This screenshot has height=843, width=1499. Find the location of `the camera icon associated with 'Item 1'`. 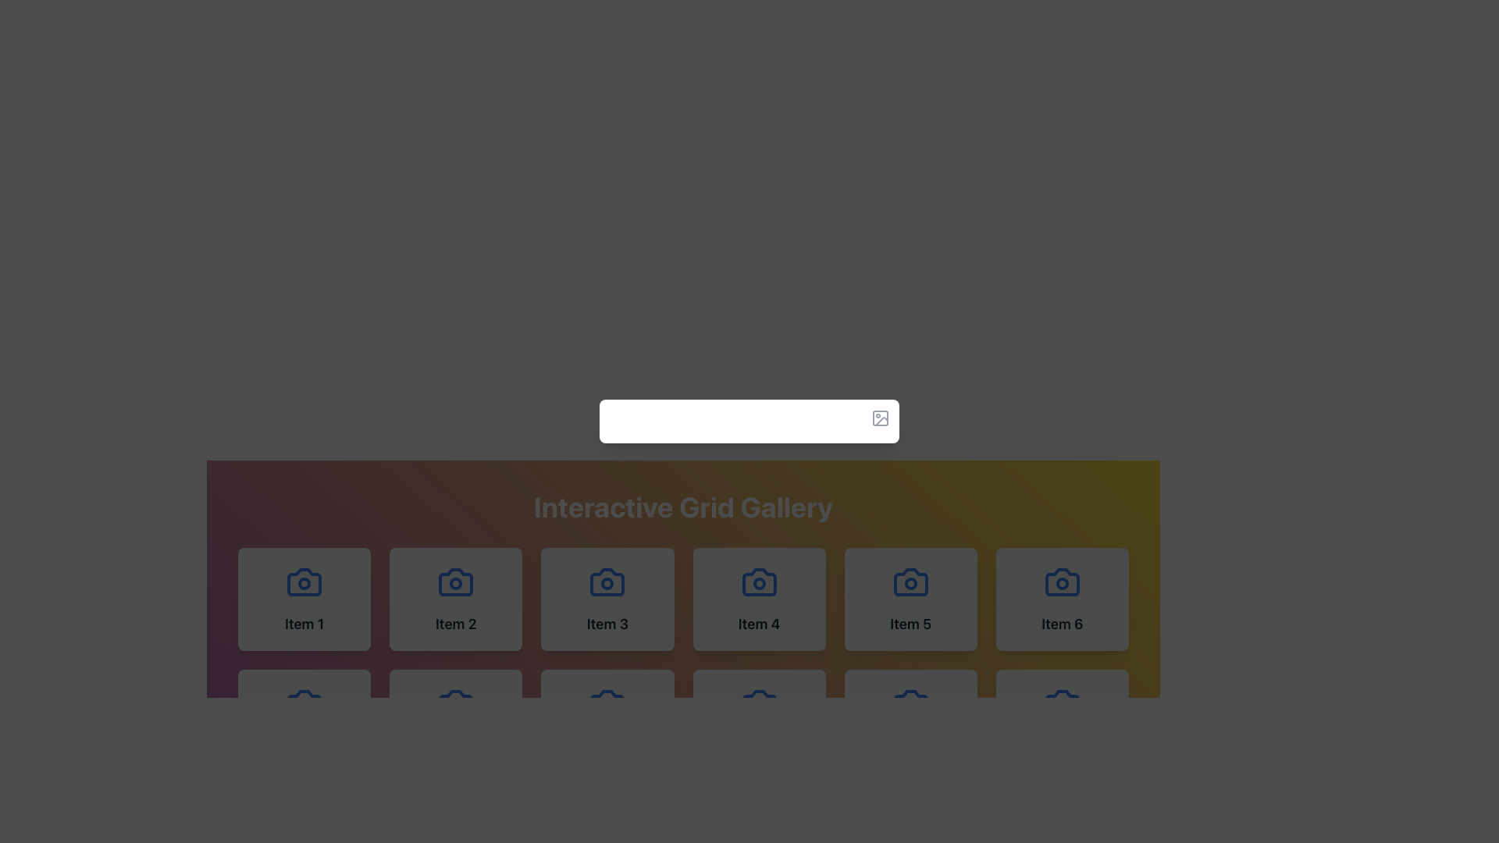

the camera icon associated with 'Item 1' is located at coordinates (304, 582).